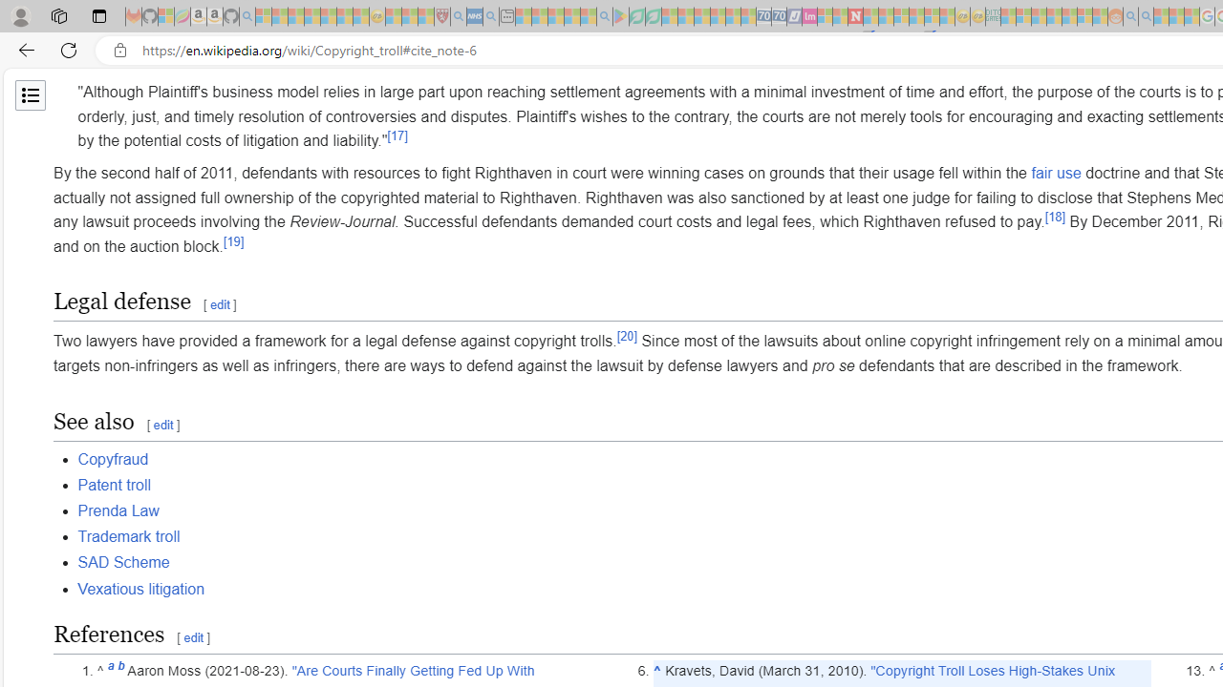  I want to click on 'Microsoft-Report a Concern to Bing - Sleeping', so click(166, 16).